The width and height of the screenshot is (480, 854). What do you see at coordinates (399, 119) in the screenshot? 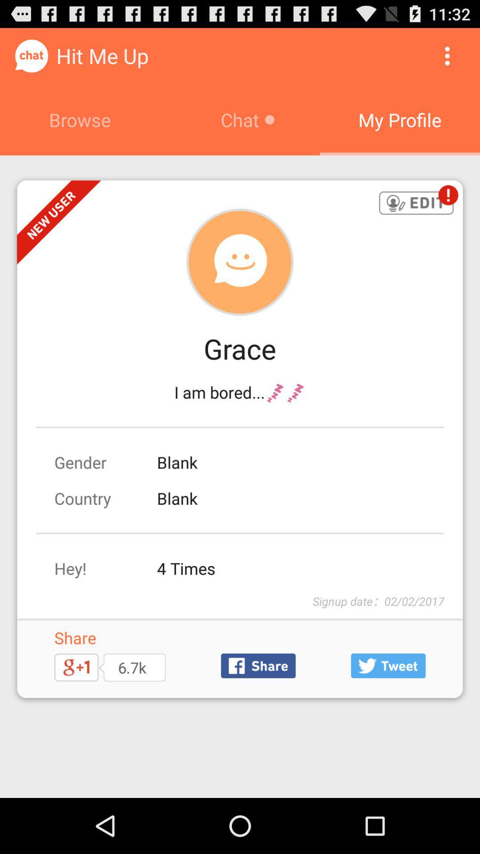
I see `my profile icon` at bounding box center [399, 119].